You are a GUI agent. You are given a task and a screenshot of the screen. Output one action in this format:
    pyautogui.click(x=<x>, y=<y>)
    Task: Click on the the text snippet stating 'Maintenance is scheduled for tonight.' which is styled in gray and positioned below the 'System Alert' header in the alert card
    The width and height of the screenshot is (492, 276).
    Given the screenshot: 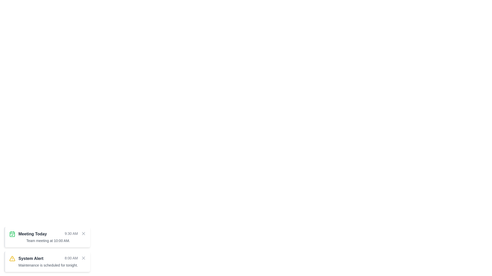 What is the action you would take?
    pyautogui.click(x=48, y=265)
    